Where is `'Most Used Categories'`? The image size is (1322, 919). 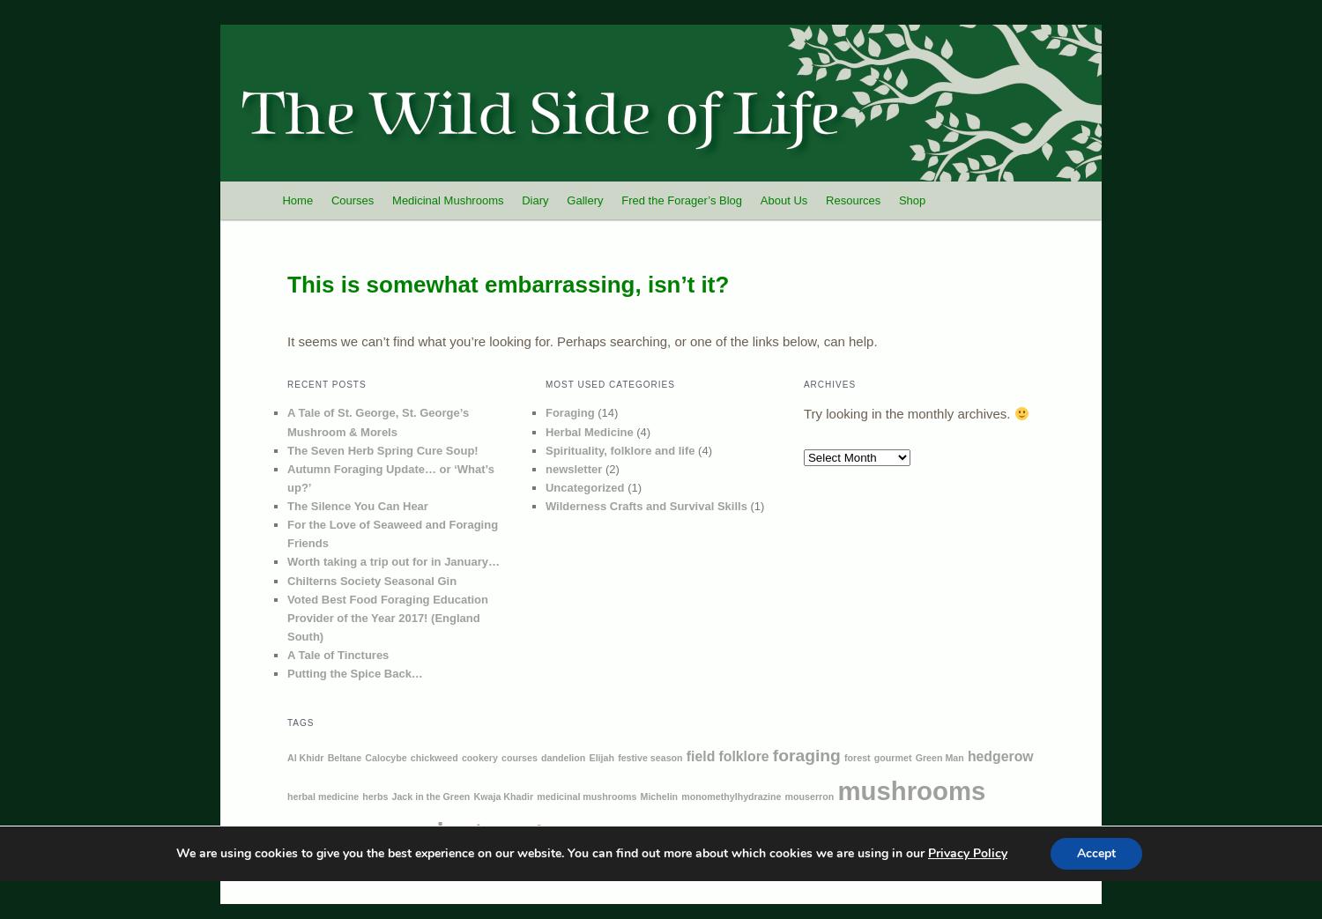
'Most Used Categories' is located at coordinates (608, 384).